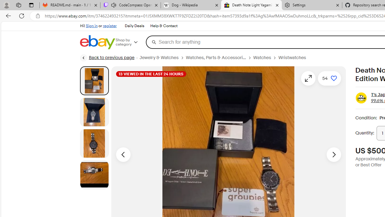 The height and width of the screenshot is (217, 385). I want to click on 'Help & Contact', so click(164, 26).